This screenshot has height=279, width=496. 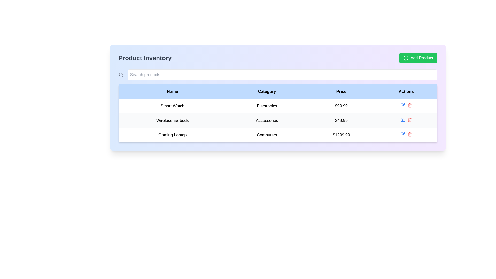 What do you see at coordinates (172, 91) in the screenshot?
I see `the Text label indicating the names of items in the first column of the table header, which is positioned leftmost adjacent to the 'Category' header` at bounding box center [172, 91].